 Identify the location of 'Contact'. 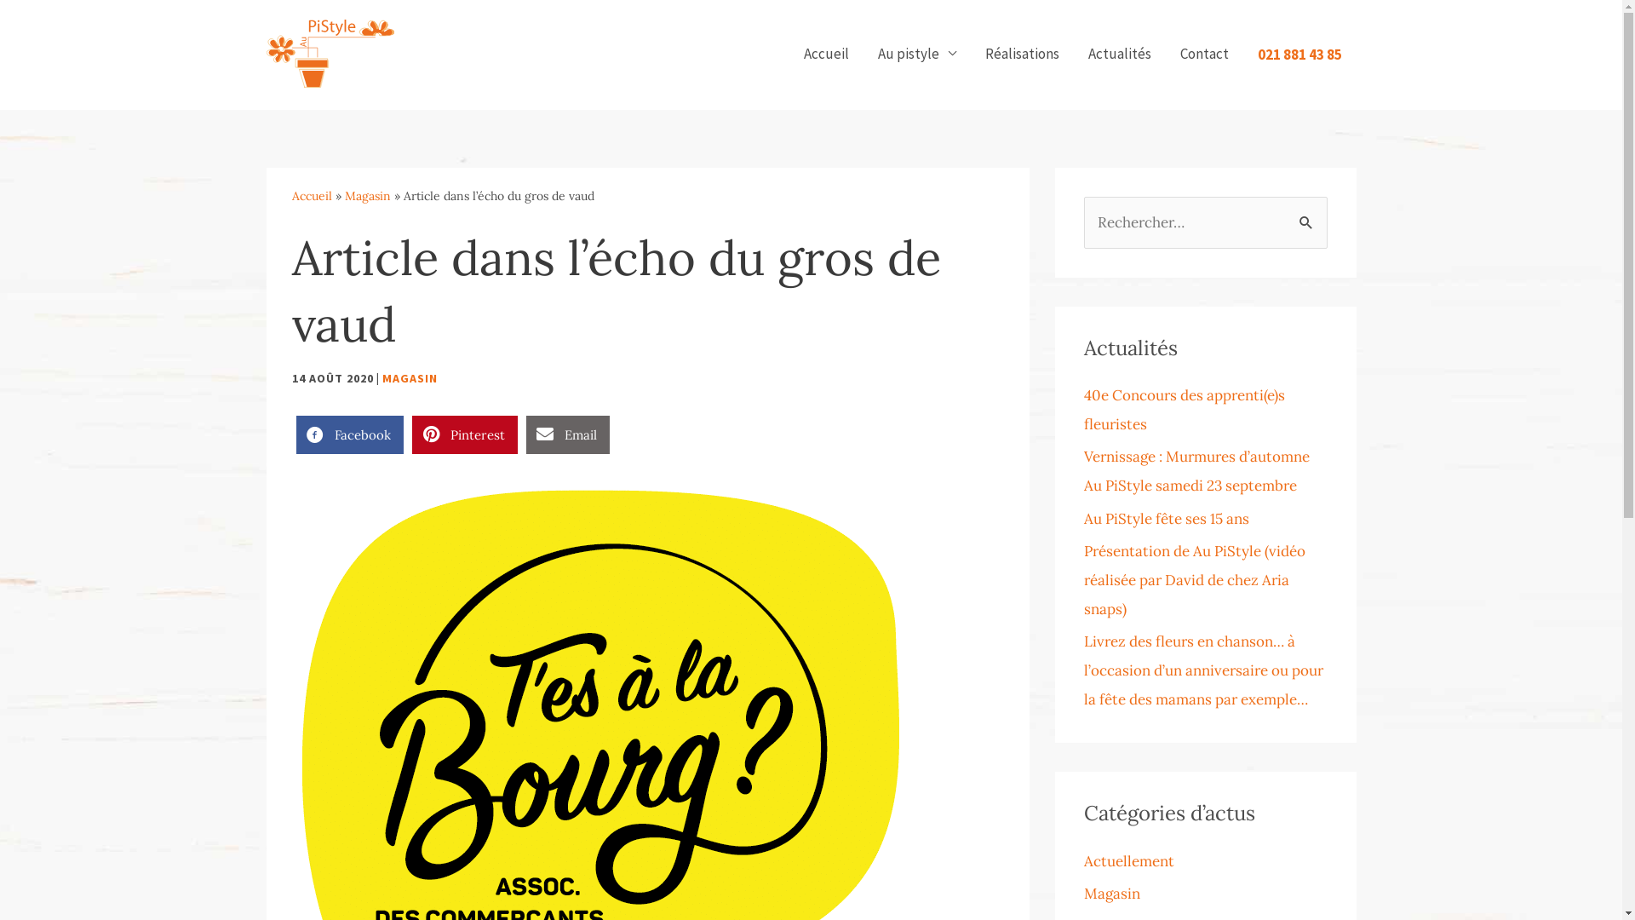
(1164, 52).